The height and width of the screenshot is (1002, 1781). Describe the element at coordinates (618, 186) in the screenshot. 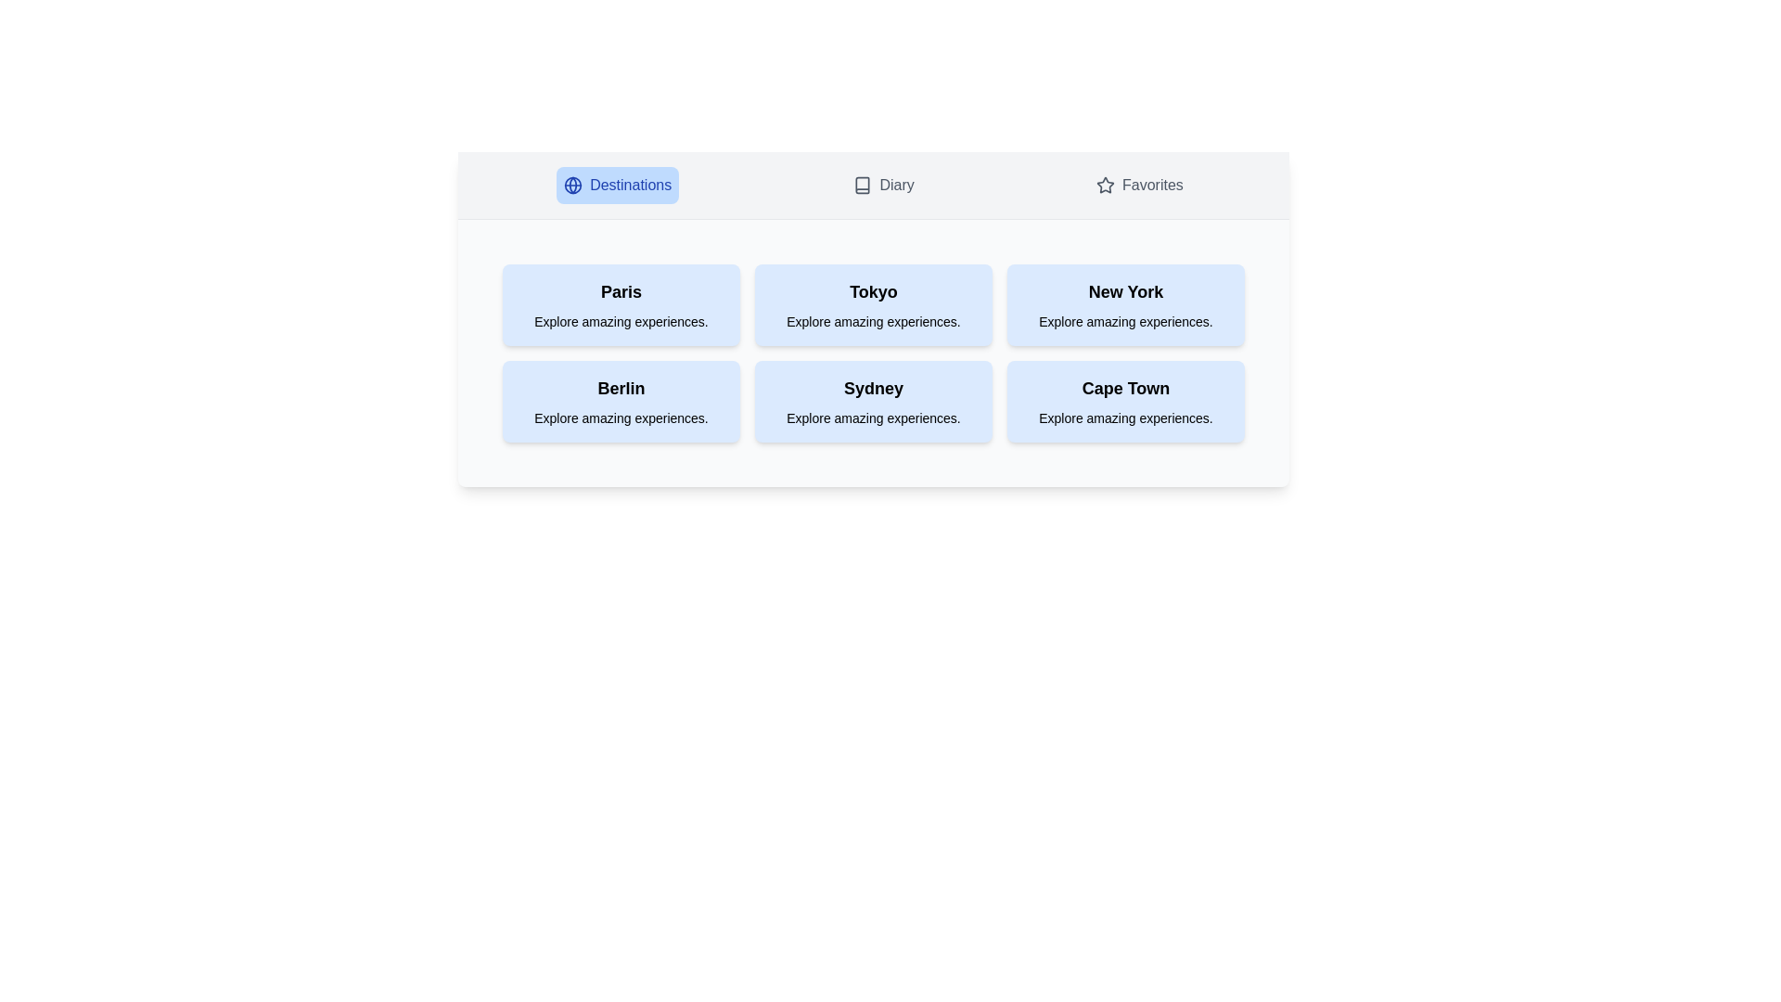

I see `the Destinations tab to switch to the corresponding section` at that location.